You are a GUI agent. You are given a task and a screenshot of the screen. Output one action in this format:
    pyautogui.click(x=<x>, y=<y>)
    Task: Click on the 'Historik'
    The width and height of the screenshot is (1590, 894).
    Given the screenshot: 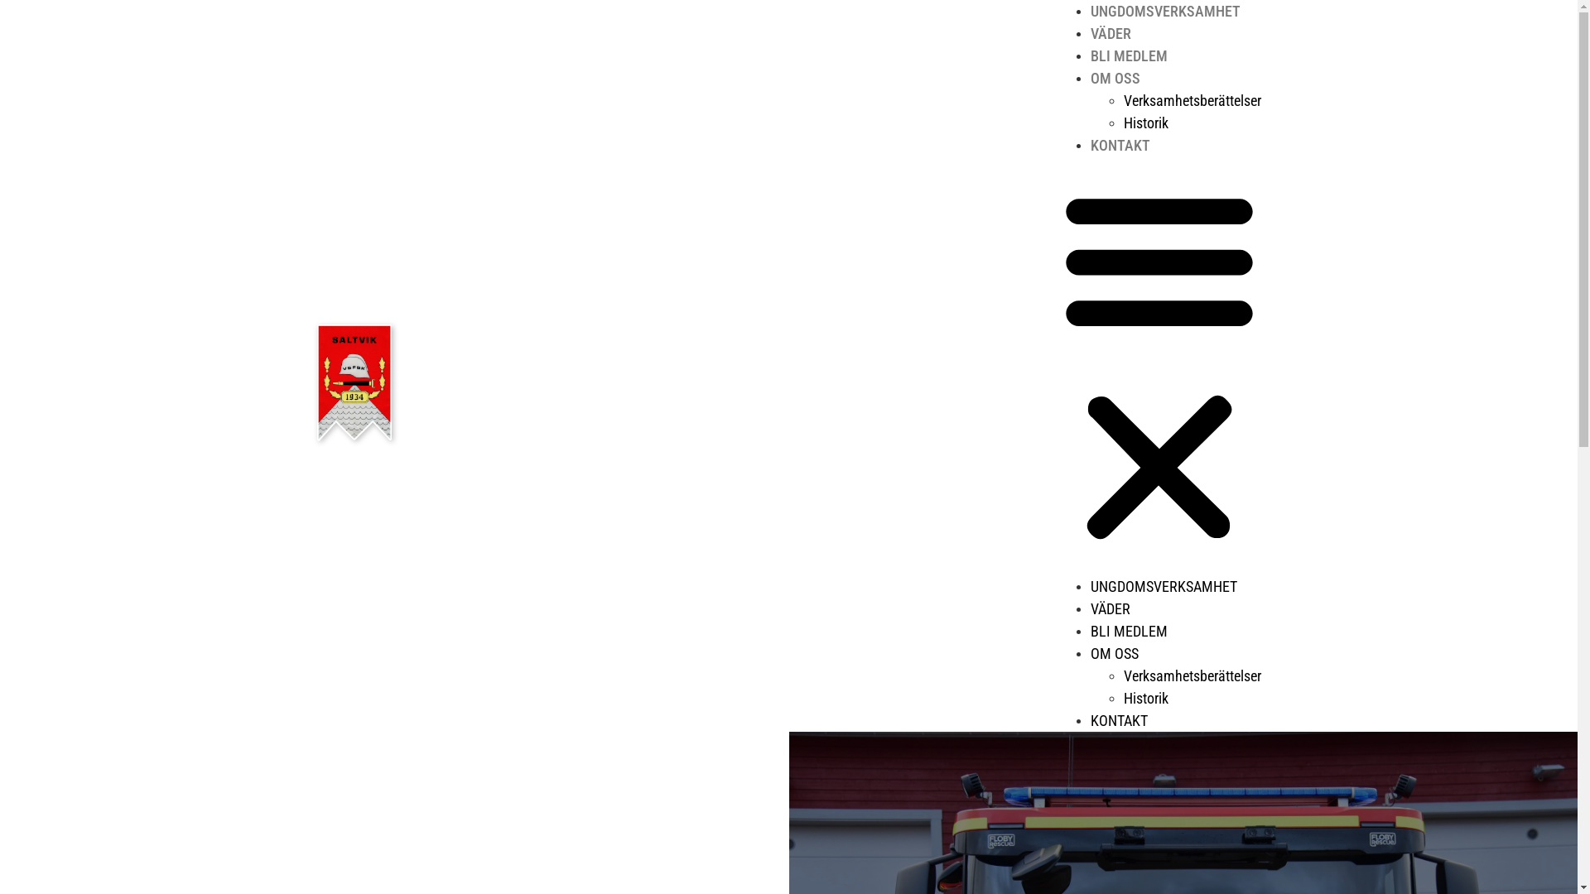 What is the action you would take?
    pyautogui.click(x=1144, y=122)
    